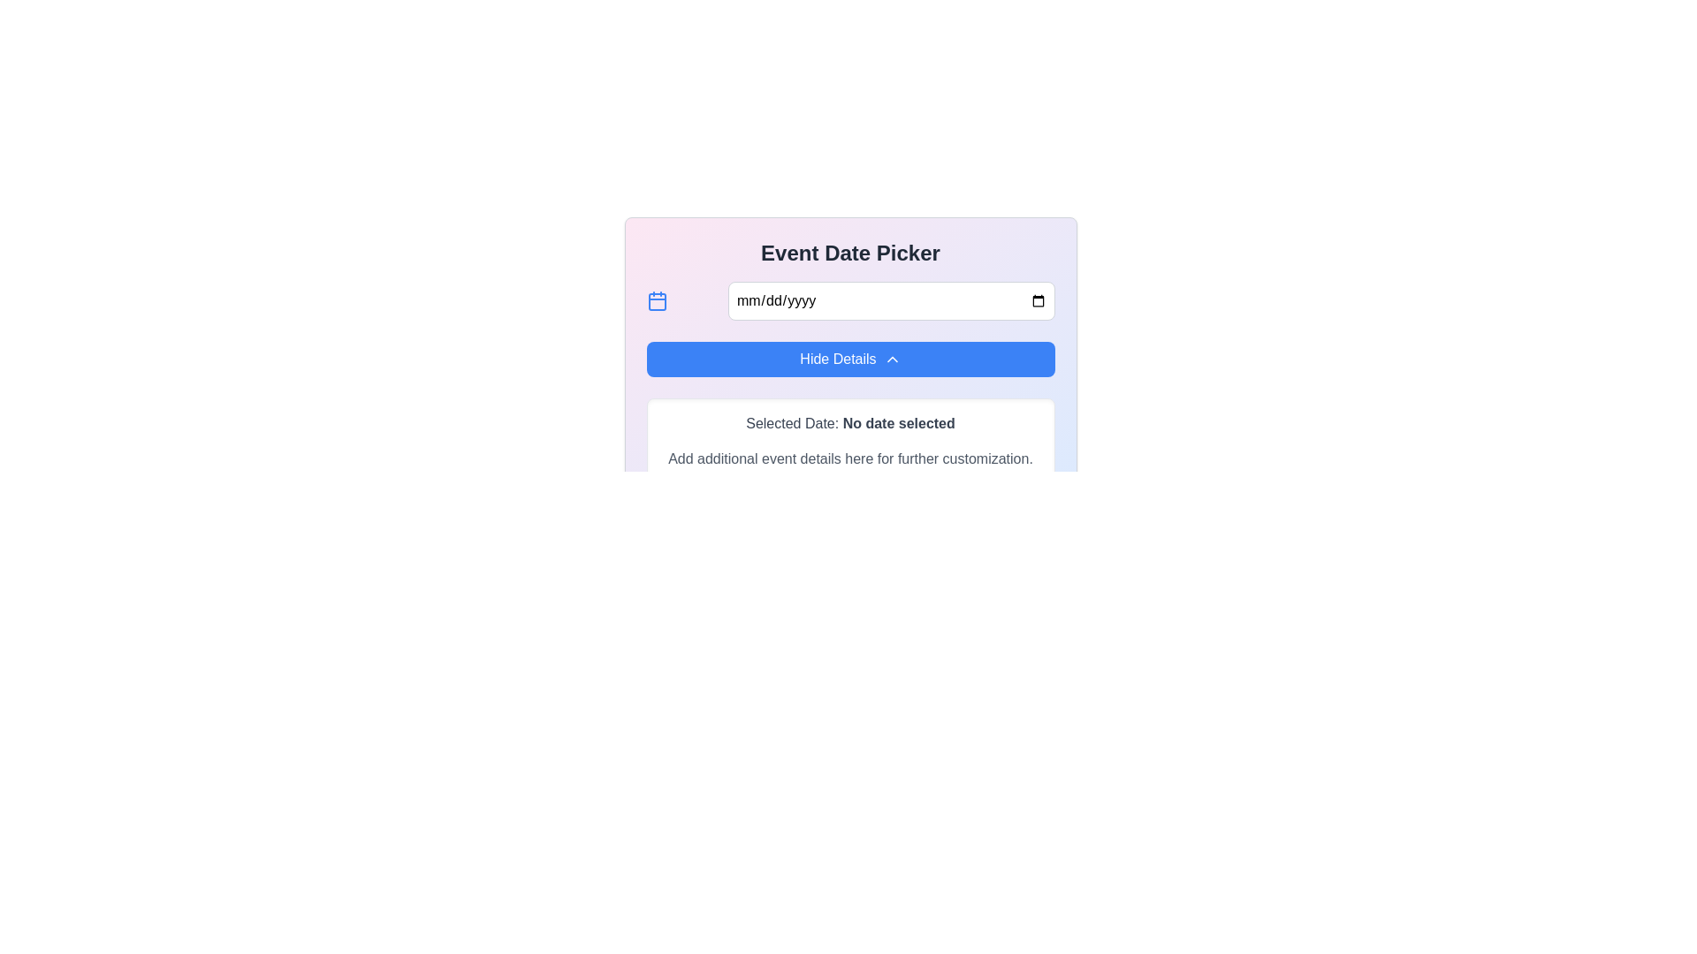  What do you see at coordinates (892, 359) in the screenshot?
I see `the collapse icon located within the 'Hide Details' button on the right-hand side` at bounding box center [892, 359].